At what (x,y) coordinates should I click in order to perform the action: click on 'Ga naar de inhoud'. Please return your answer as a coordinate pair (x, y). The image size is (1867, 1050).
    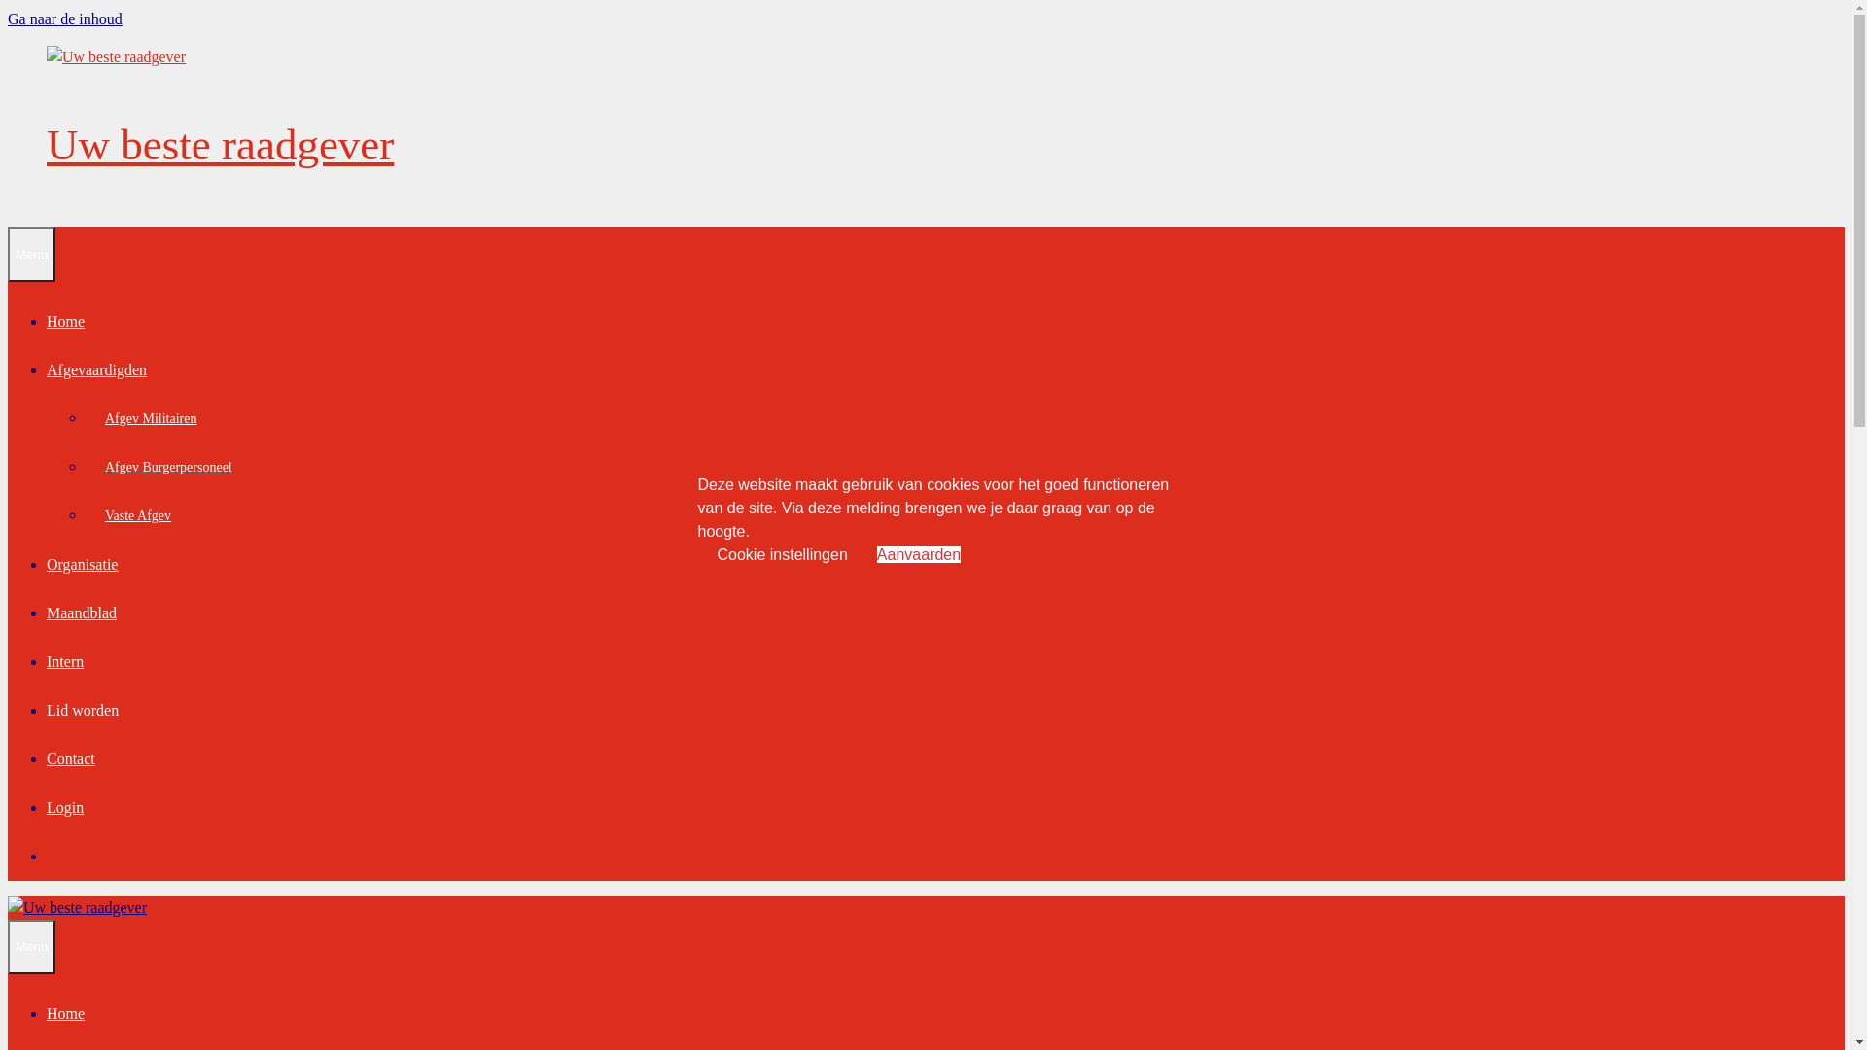
    Looking at the image, I should click on (65, 18).